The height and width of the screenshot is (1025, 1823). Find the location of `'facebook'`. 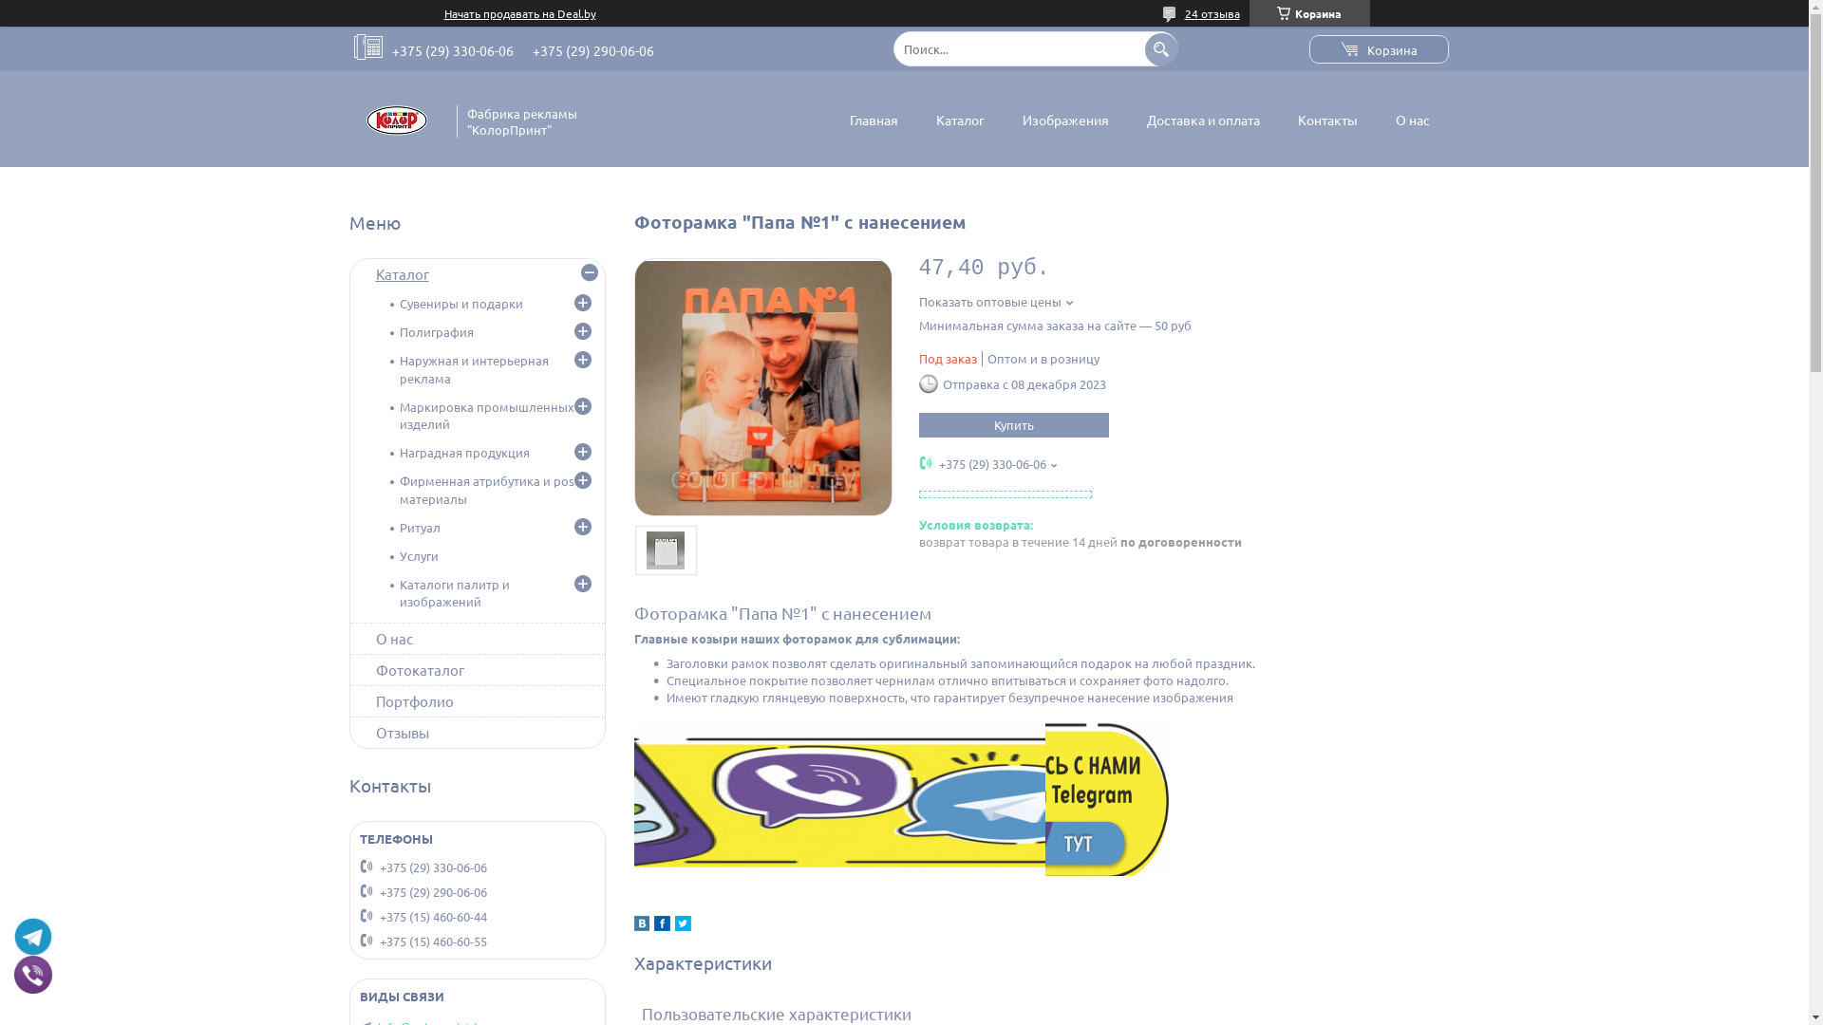

'facebook' is located at coordinates (661, 924).